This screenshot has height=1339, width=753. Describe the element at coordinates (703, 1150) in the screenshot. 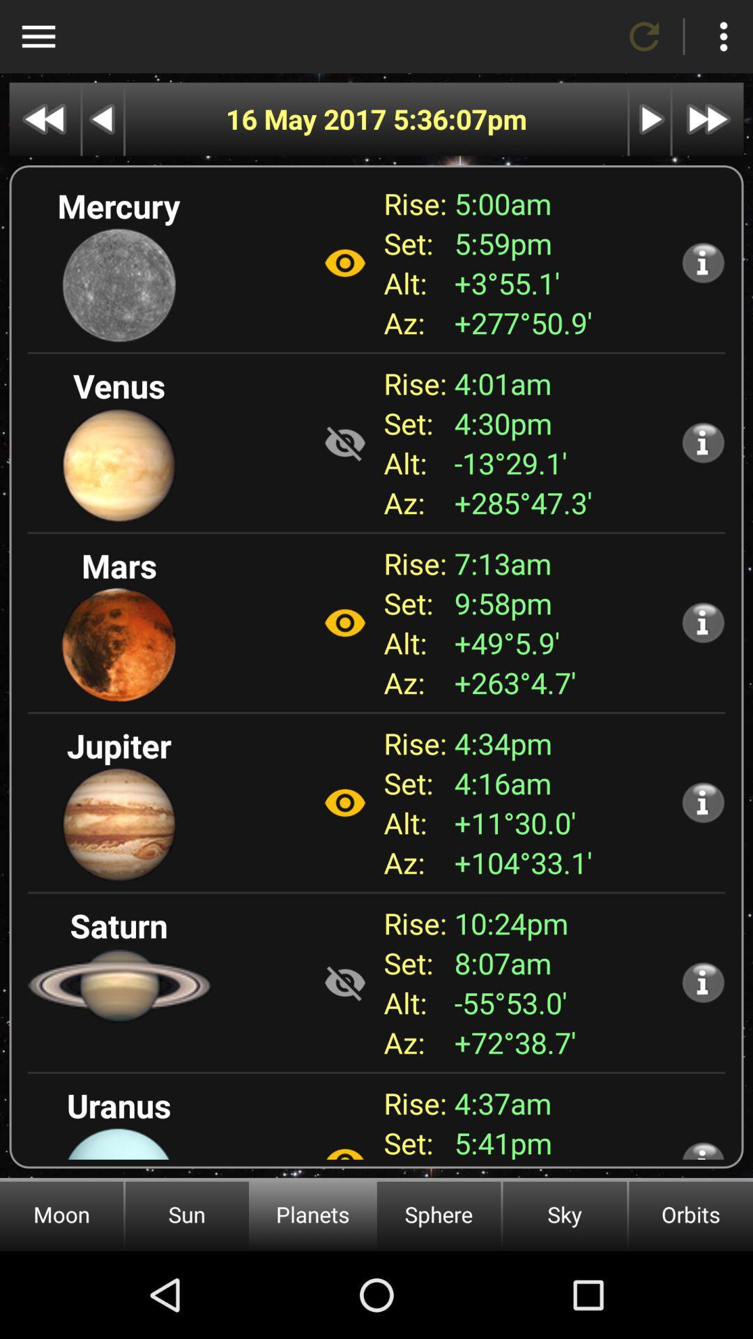

I see `get more information` at that location.